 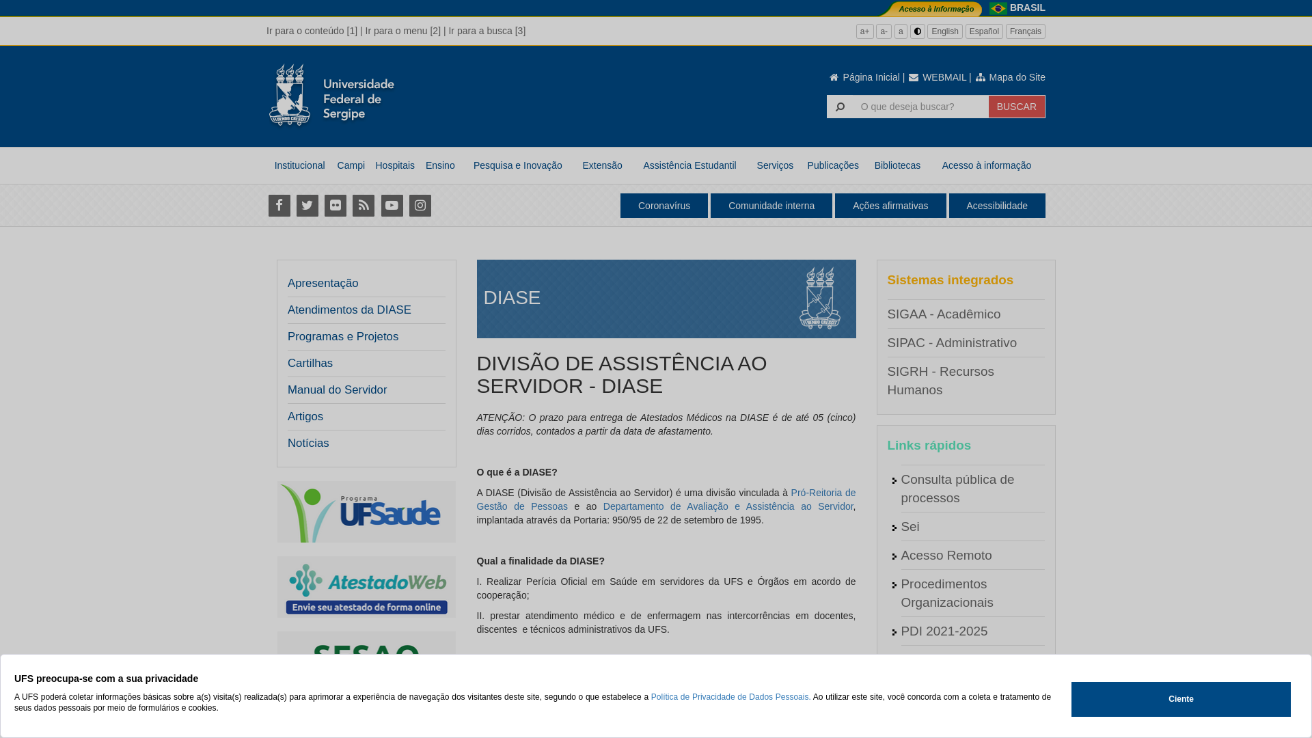 What do you see at coordinates (299, 165) in the screenshot?
I see `'Institucional'` at bounding box center [299, 165].